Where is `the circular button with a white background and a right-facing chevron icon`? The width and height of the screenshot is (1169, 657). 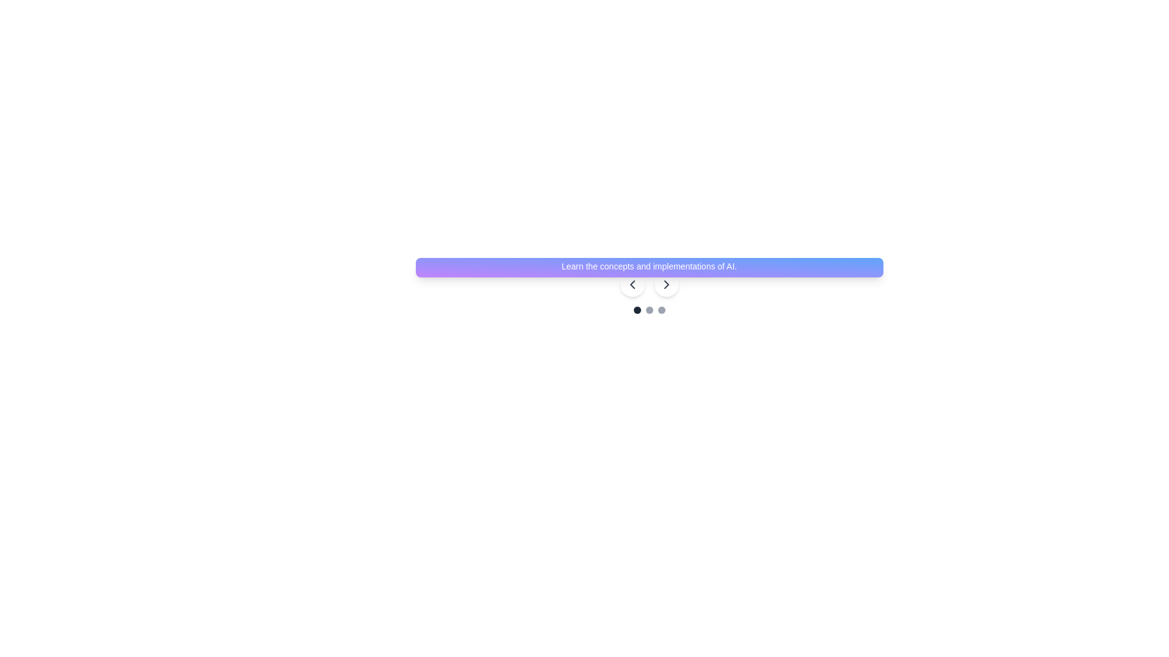 the circular button with a white background and a right-facing chevron icon is located at coordinates (665, 284).